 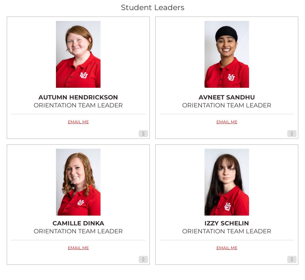 What do you see at coordinates (11, 78) in the screenshot?
I see `'Autumn Hendrickson is currently a sophomore majoring in Stage Management here at the
                                          U. She is originally from Durham, North Carolina, though she has quickly fallen in
                                          love with Salt Lake City and the rest of Utah. Throughout the 2023-24 school year
                                          she will be working on the Stage Management teams of two different productions being
                                          produced by the University of Utah Department of Theatre as both a First and Second
                                          Assistant Stage Manager. During the Summer of 2023, Autumn joined the Office of Orientation
                                          and Transition as an Orientation Leader, and she is excited to continue welcoming
                                          incoming students alongside this amazing team as an Orientation Team Leader.'` at bounding box center [11, 78].